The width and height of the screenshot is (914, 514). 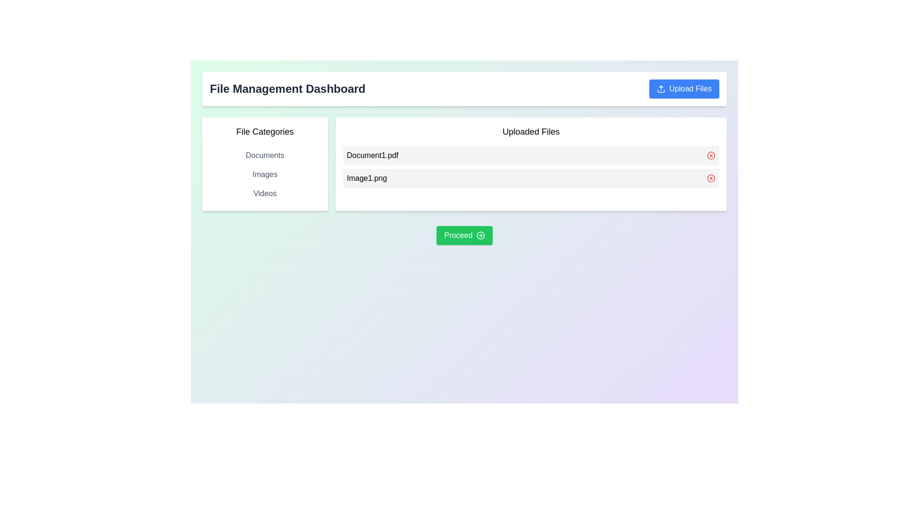 I want to click on the text label representing the file named 'Image1.png', which is the second item in the 'Uploaded Files' section, so click(x=366, y=178).